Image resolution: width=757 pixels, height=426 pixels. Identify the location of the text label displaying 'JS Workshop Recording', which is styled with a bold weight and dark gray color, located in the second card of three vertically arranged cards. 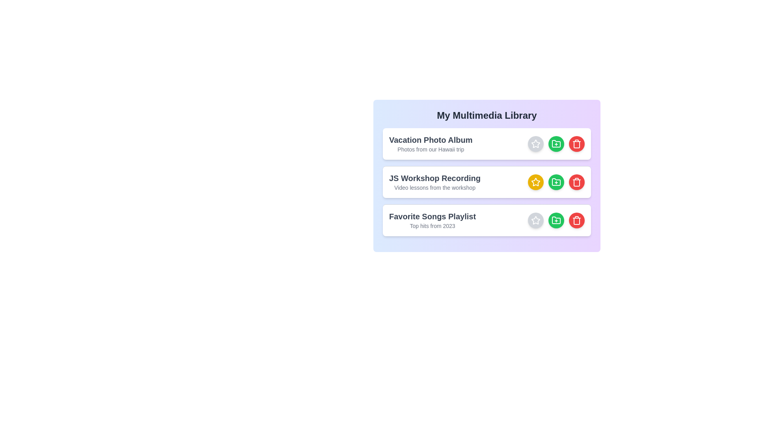
(434, 178).